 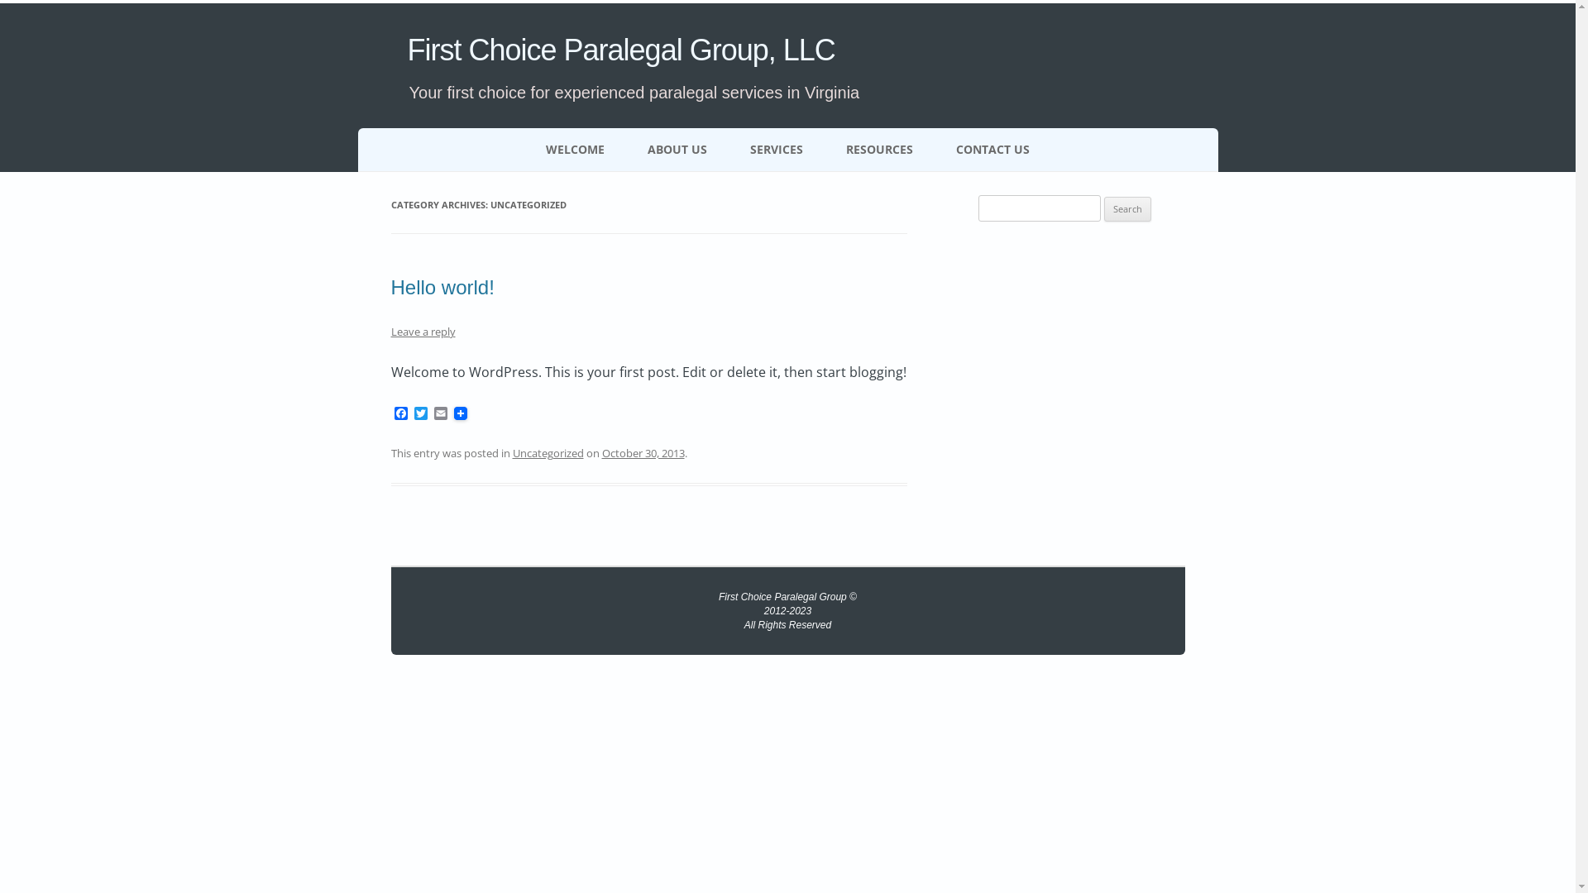 What do you see at coordinates (787, 127) in the screenshot?
I see `'Skip to content'` at bounding box center [787, 127].